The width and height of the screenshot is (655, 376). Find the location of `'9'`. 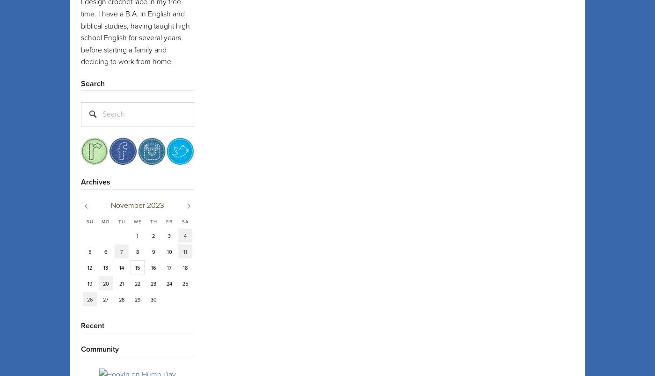

'9' is located at coordinates (153, 252).